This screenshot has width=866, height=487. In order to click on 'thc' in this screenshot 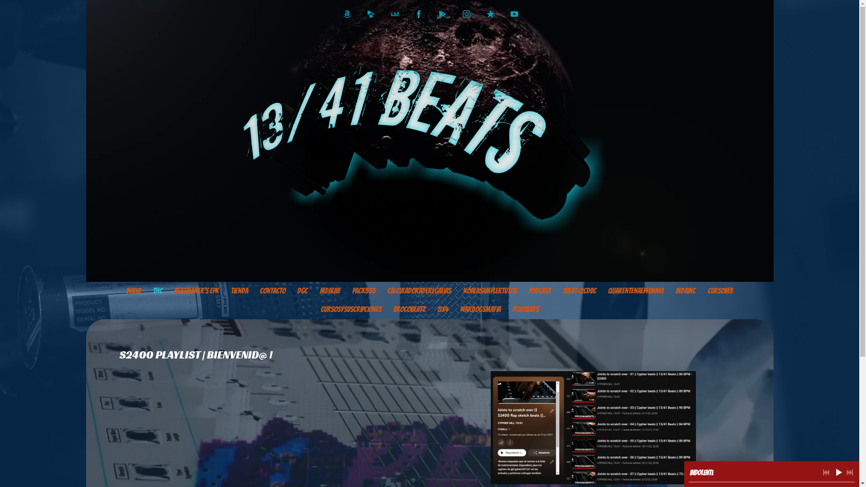, I will do `click(157, 291)`.